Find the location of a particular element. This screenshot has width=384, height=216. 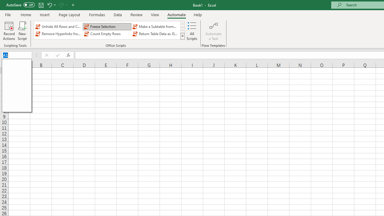

'Return Table Data as JSON' is located at coordinates (156, 34).